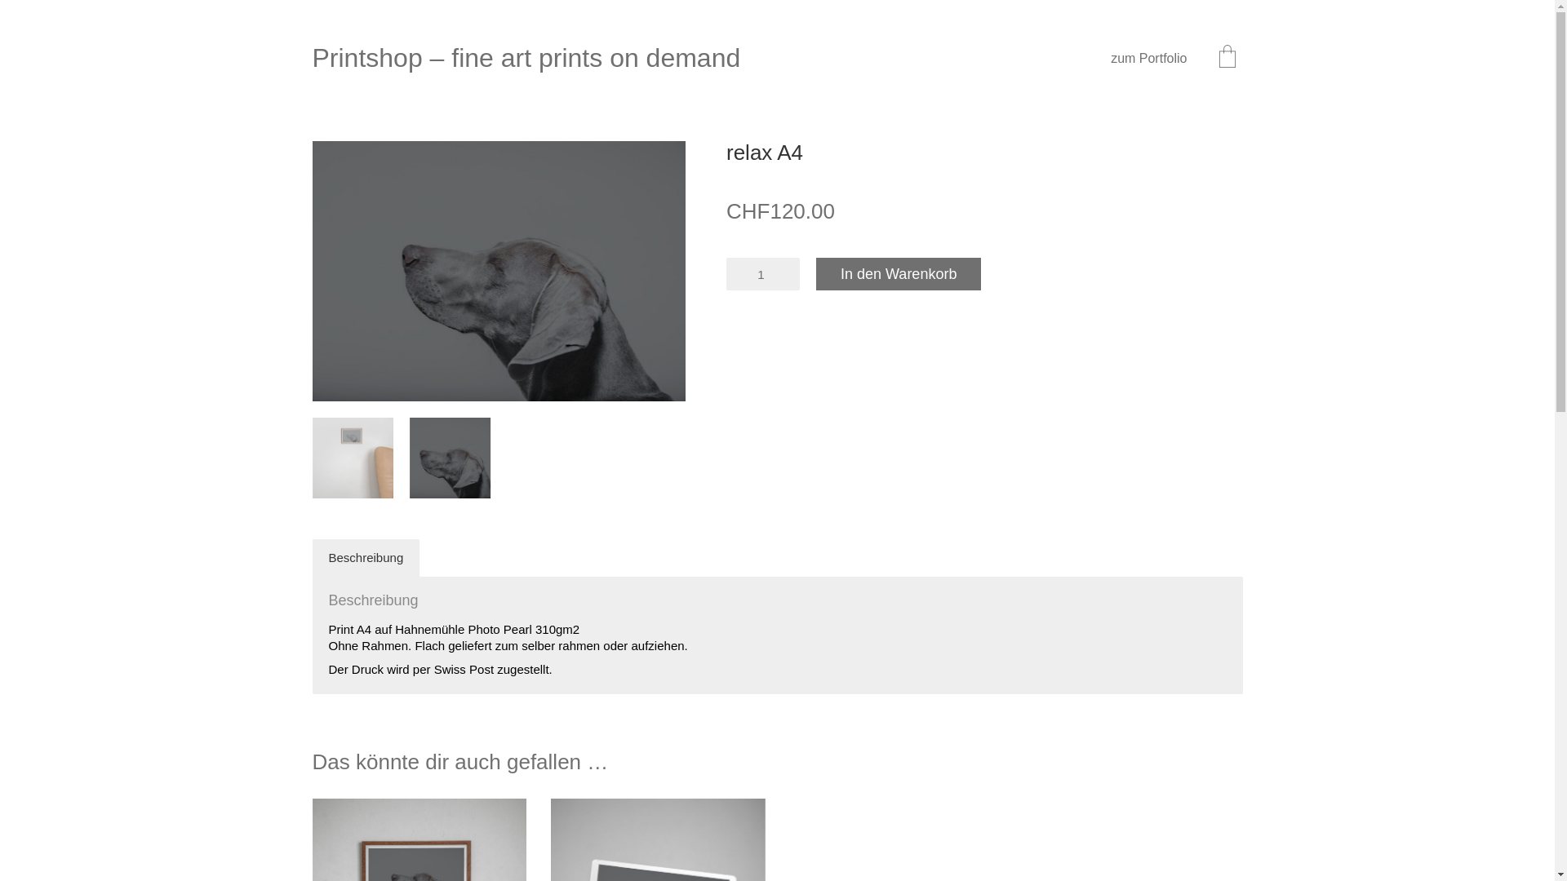 The image size is (1567, 881). What do you see at coordinates (762, 272) in the screenshot?
I see `'Menge'` at bounding box center [762, 272].